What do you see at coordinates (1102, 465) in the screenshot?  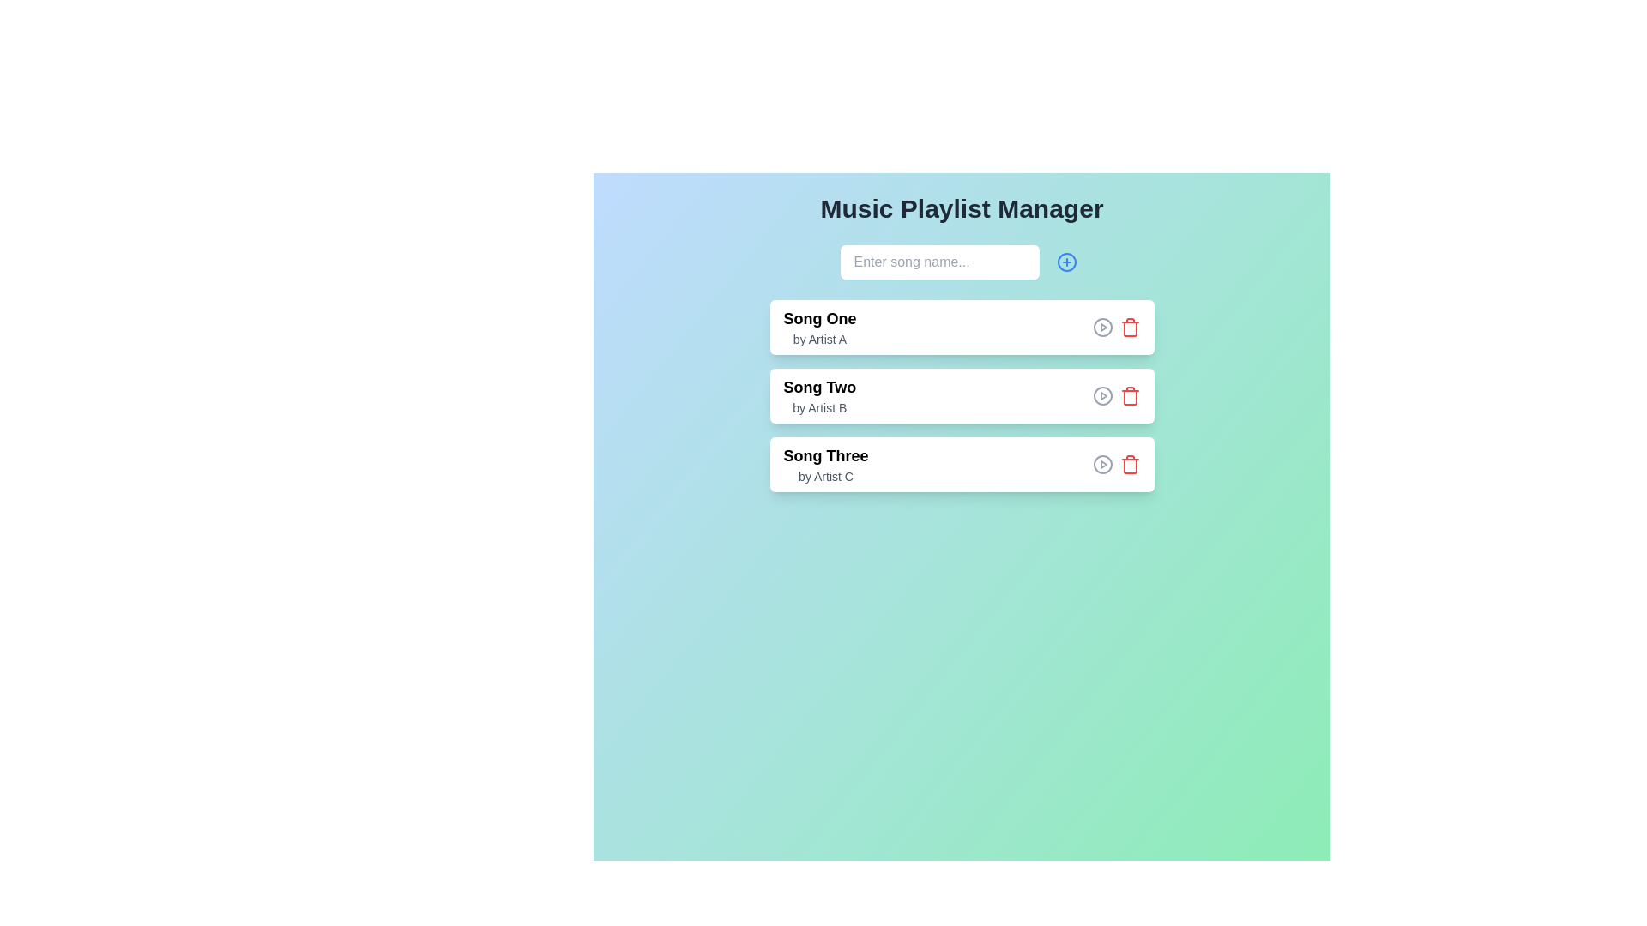 I see `the circular play icon button with a gray outline and triangular 'play' symbol, located in the right part of the third row of elements in a vertical list` at bounding box center [1102, 465].